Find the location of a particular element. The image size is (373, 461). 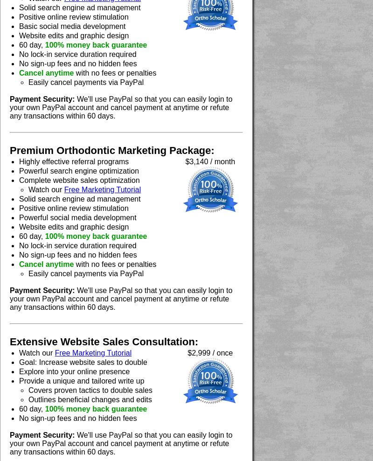

'Powerful search engine optimization' is located at coordinates (18, 171).